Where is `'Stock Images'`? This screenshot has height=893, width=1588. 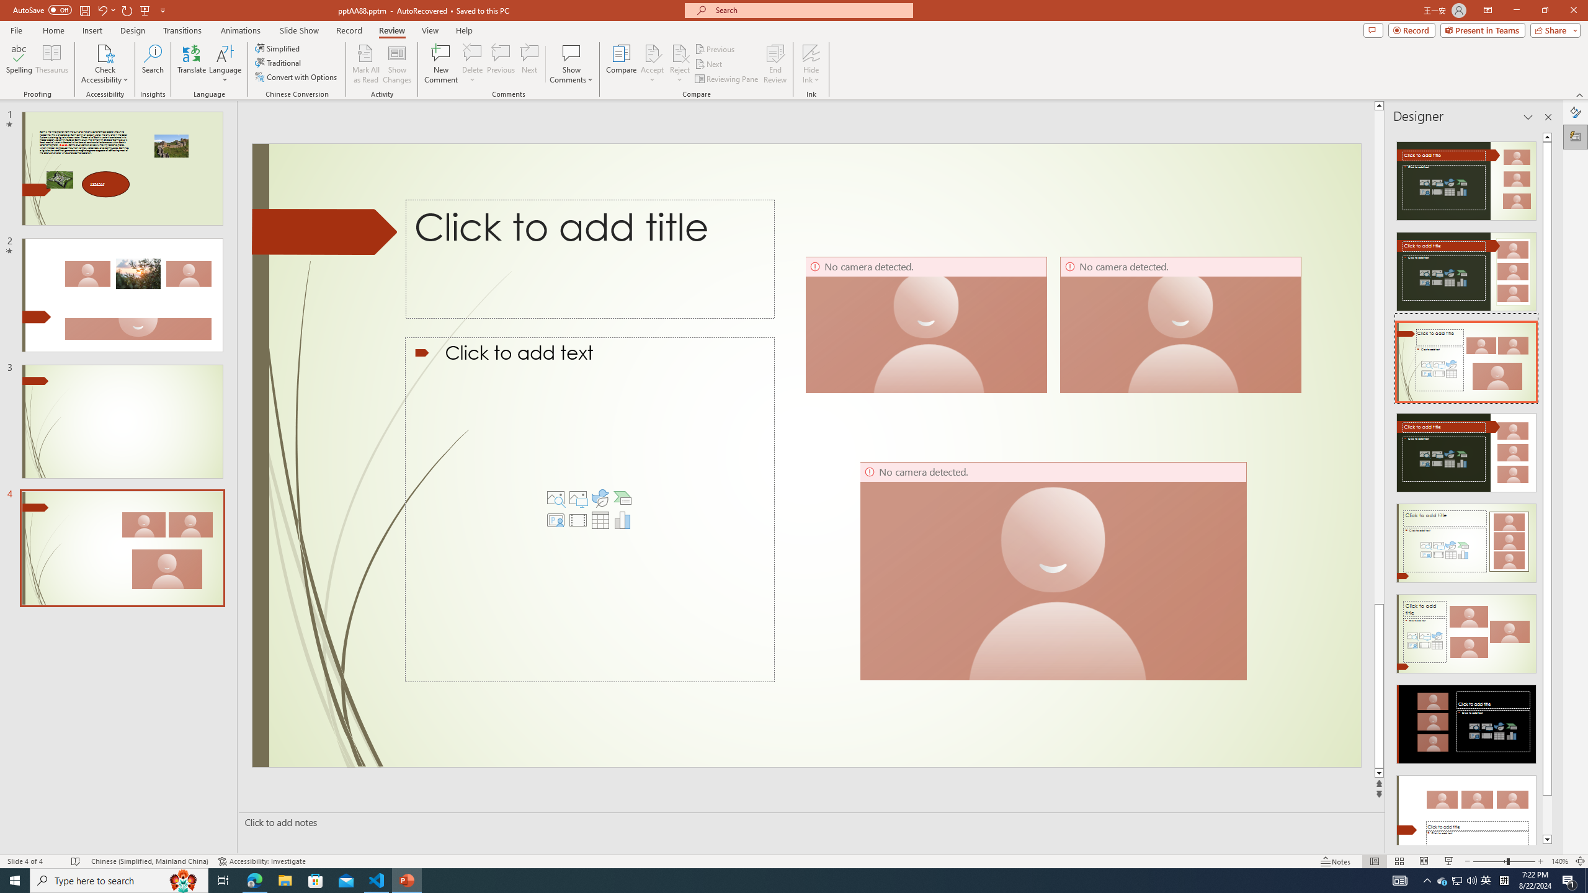 'Stock Images' is located at coordinates (556, 498).